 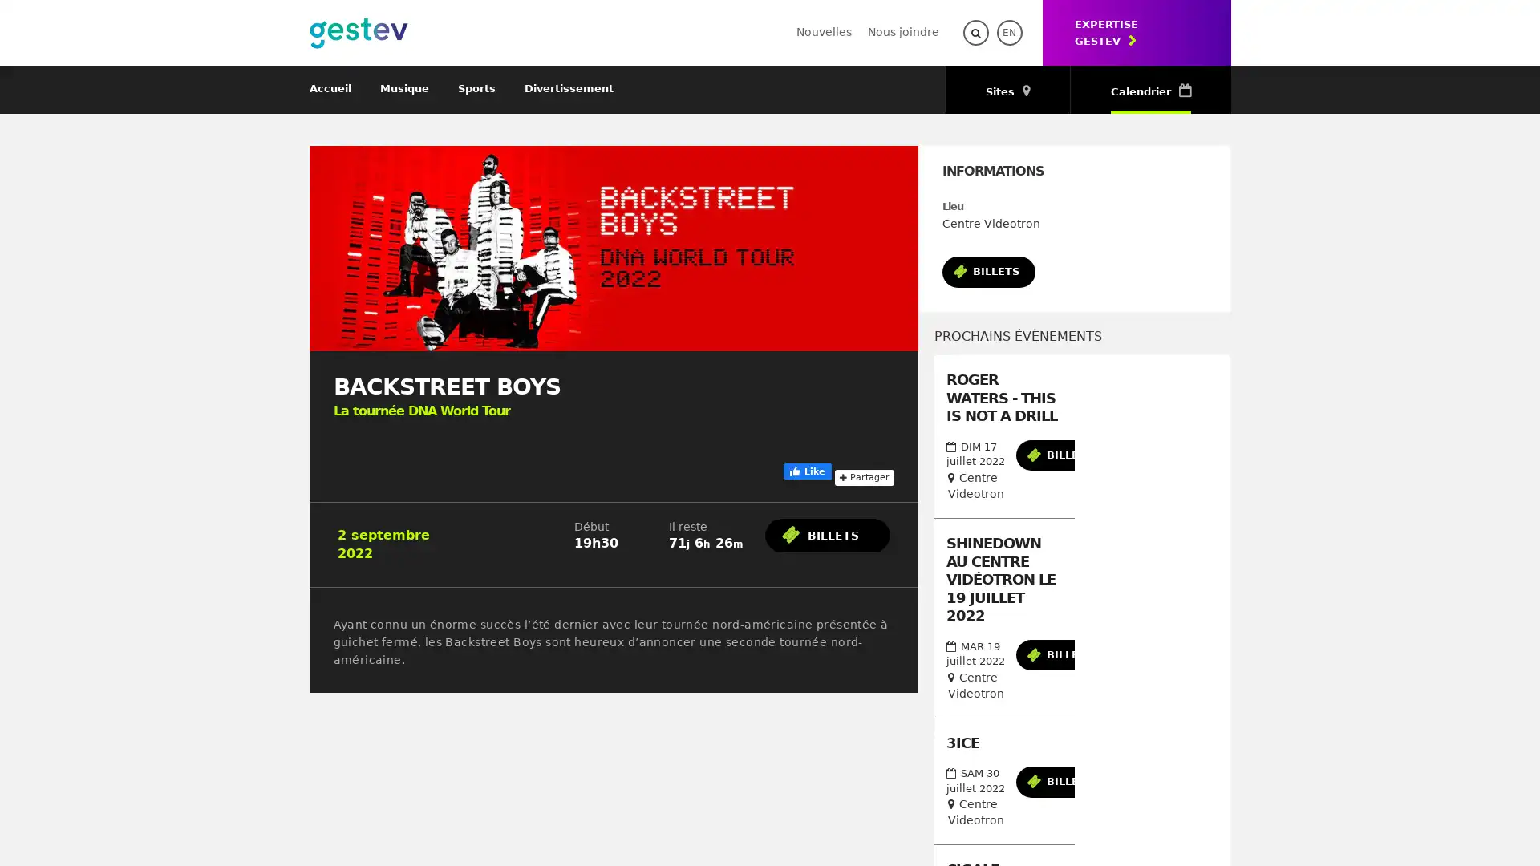 What do you see at coordinates (862, 475) in the screenshot?
I see `Partager` at bounding box center [862, 475].